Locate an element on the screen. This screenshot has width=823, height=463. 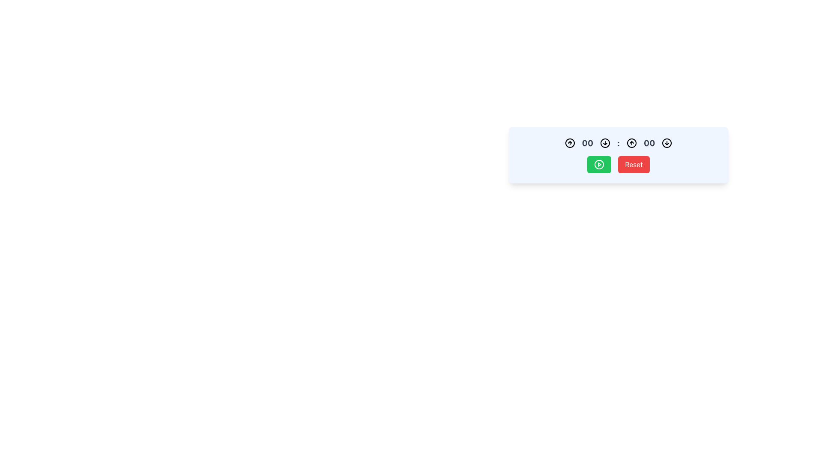
the static text element that visually represents the tens value of minutes in the time configuration context, located between an upward arrow icon and a colon symbol is located at coordinates (587, 143).